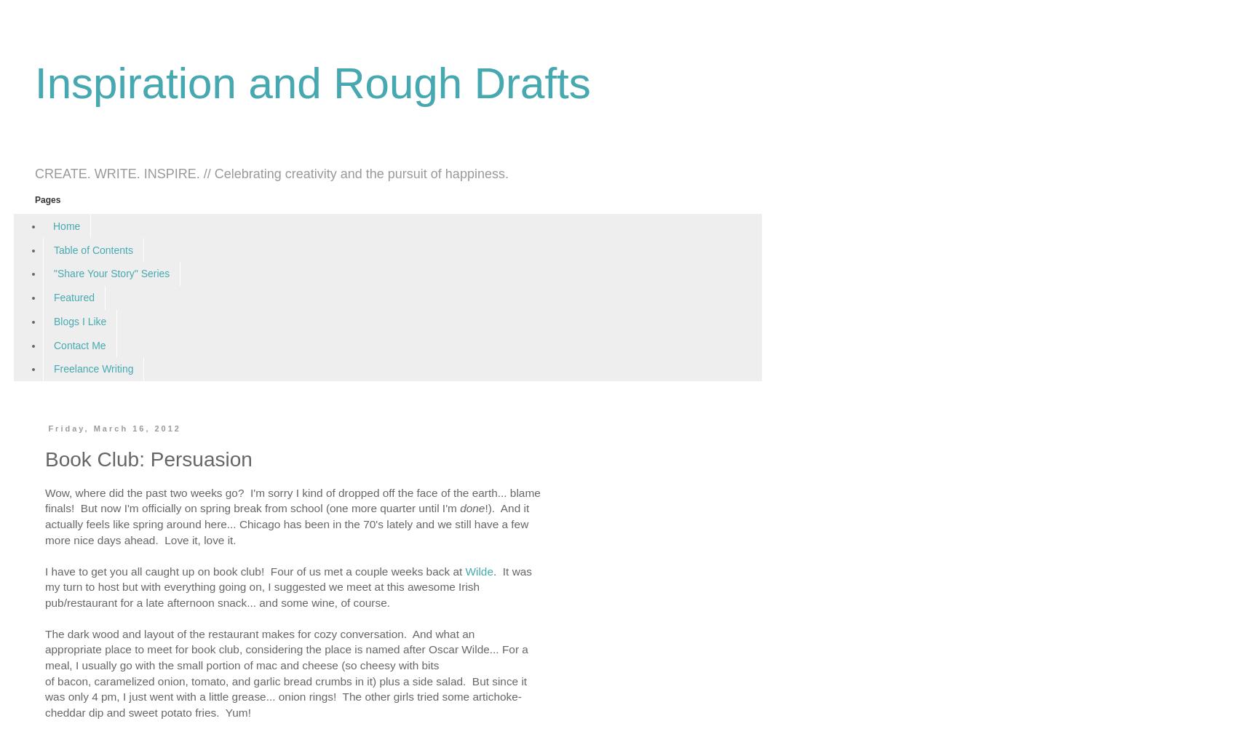 The width and height of the screenshot is (1243, 737). What do you see at coordinates (288, 586) in the screenshot?
I see `'.  It was my turn to host but with everything going on, I suggested we meet at this awesome Irish pub/restaurant for a late afternoon snack... and some wine, of course.'` at bounding box center [288, 586].